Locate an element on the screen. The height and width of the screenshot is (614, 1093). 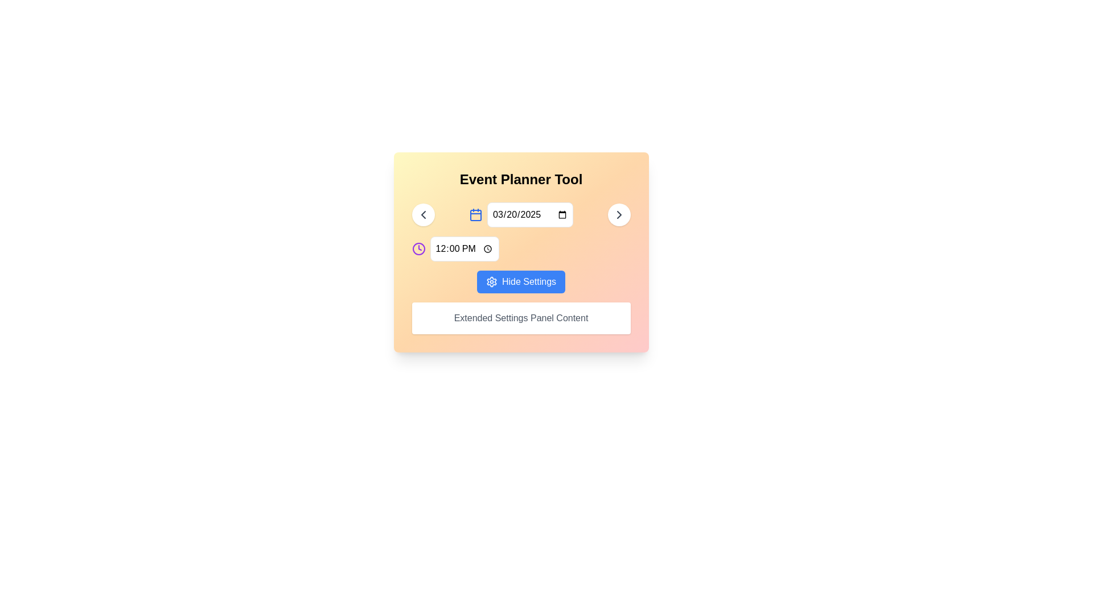
the informational text element that displays 'Extended Settings Panel Content', which is located at the bottom of the panel in the center of the interface, below the blue button labeled 'Hide Settings' is located at coordinates (520, 318).